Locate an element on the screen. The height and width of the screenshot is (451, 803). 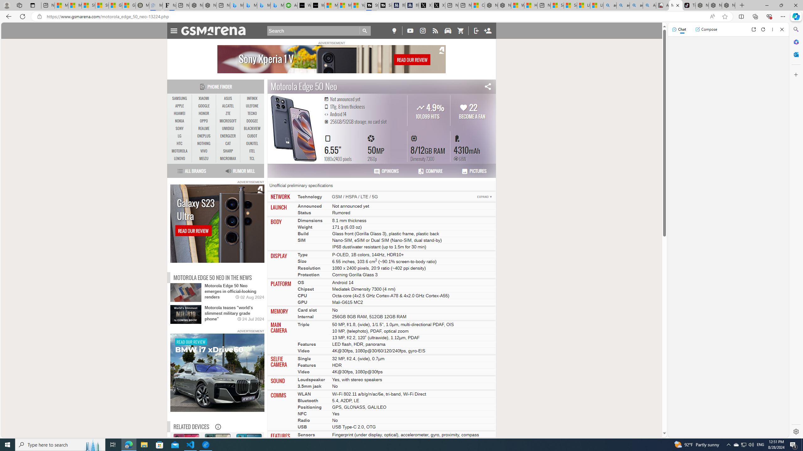
'REALME' is located at coordinates (204, 128).